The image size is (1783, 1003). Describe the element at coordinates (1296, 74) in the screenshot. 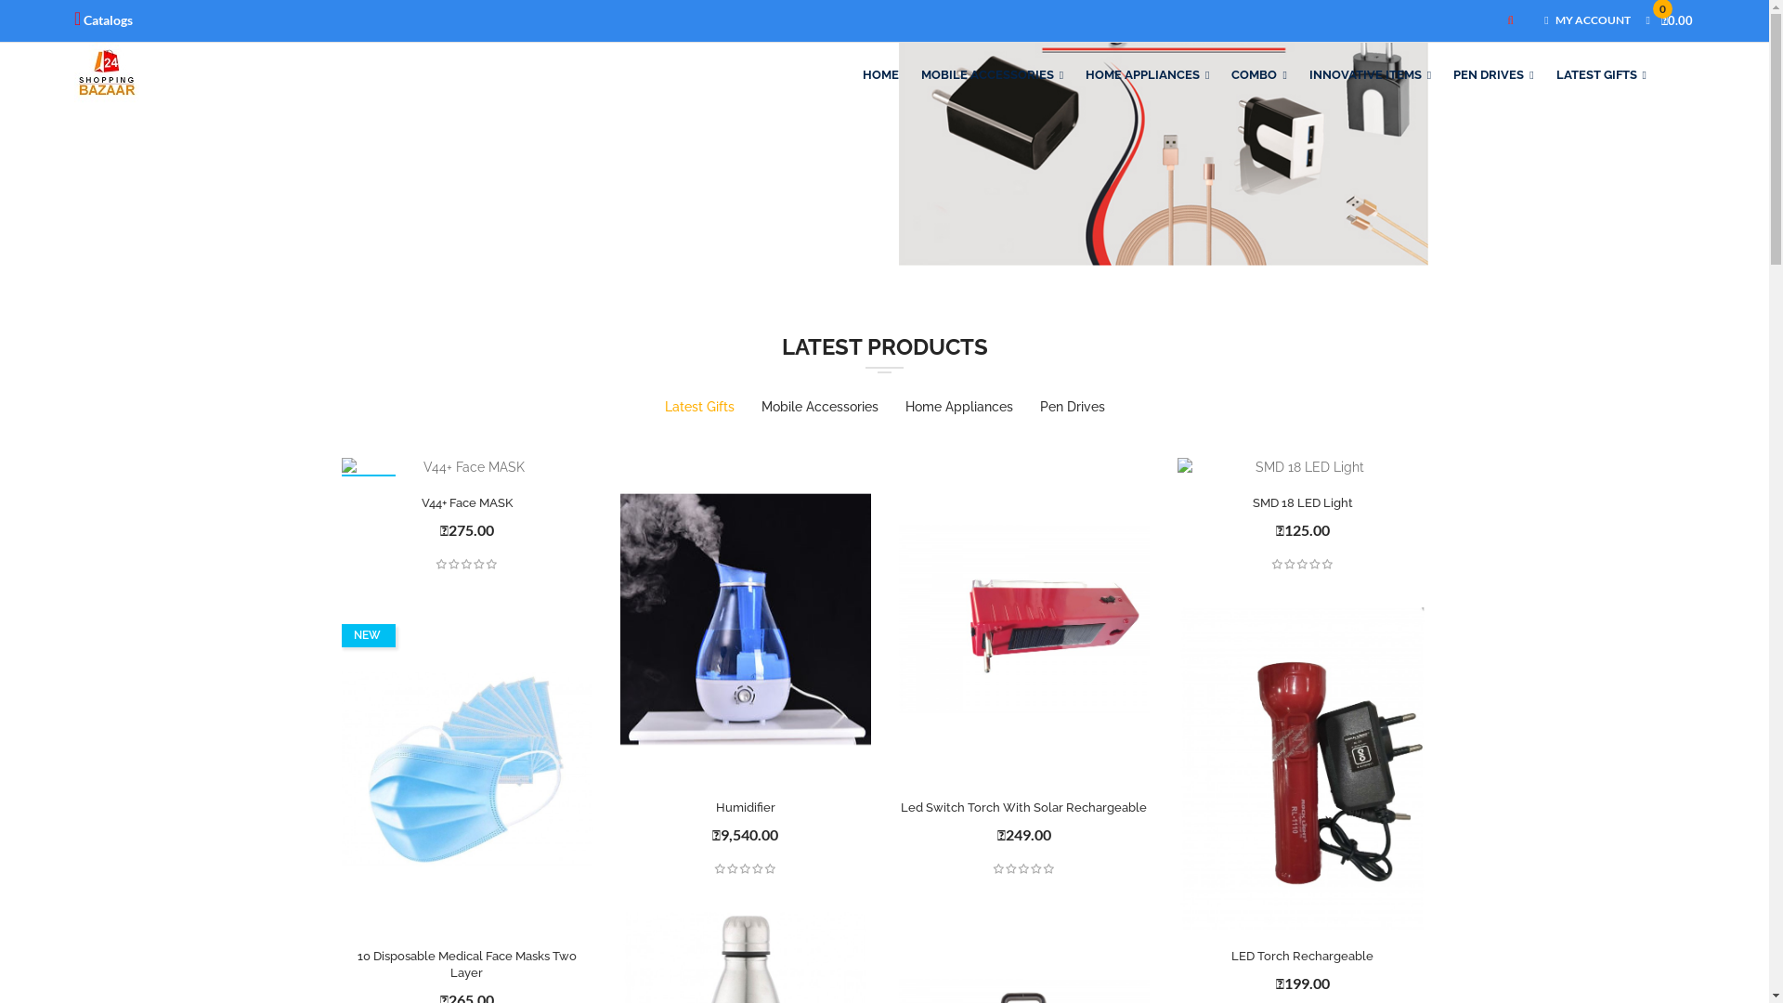

I see `'INNOVATIVE ITEMS'` at that location.